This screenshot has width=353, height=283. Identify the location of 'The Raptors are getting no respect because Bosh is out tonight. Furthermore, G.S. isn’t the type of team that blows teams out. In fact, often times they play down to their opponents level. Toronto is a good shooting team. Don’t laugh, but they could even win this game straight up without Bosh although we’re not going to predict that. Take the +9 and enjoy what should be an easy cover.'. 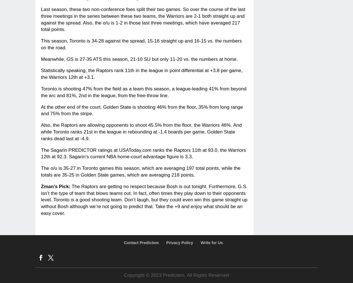
(41, 200).